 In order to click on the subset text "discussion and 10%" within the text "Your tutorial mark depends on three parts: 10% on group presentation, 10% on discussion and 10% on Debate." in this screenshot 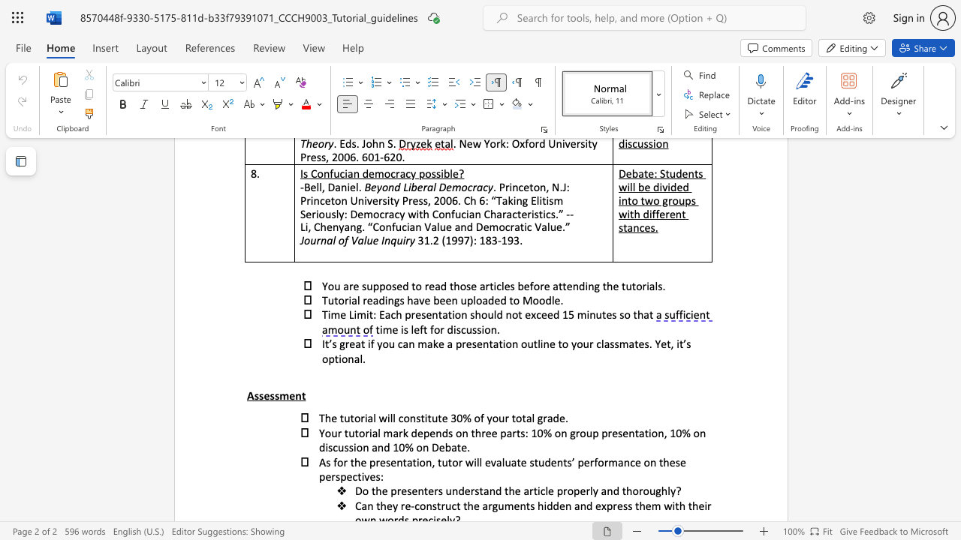, I will do `click(318, 446)`.